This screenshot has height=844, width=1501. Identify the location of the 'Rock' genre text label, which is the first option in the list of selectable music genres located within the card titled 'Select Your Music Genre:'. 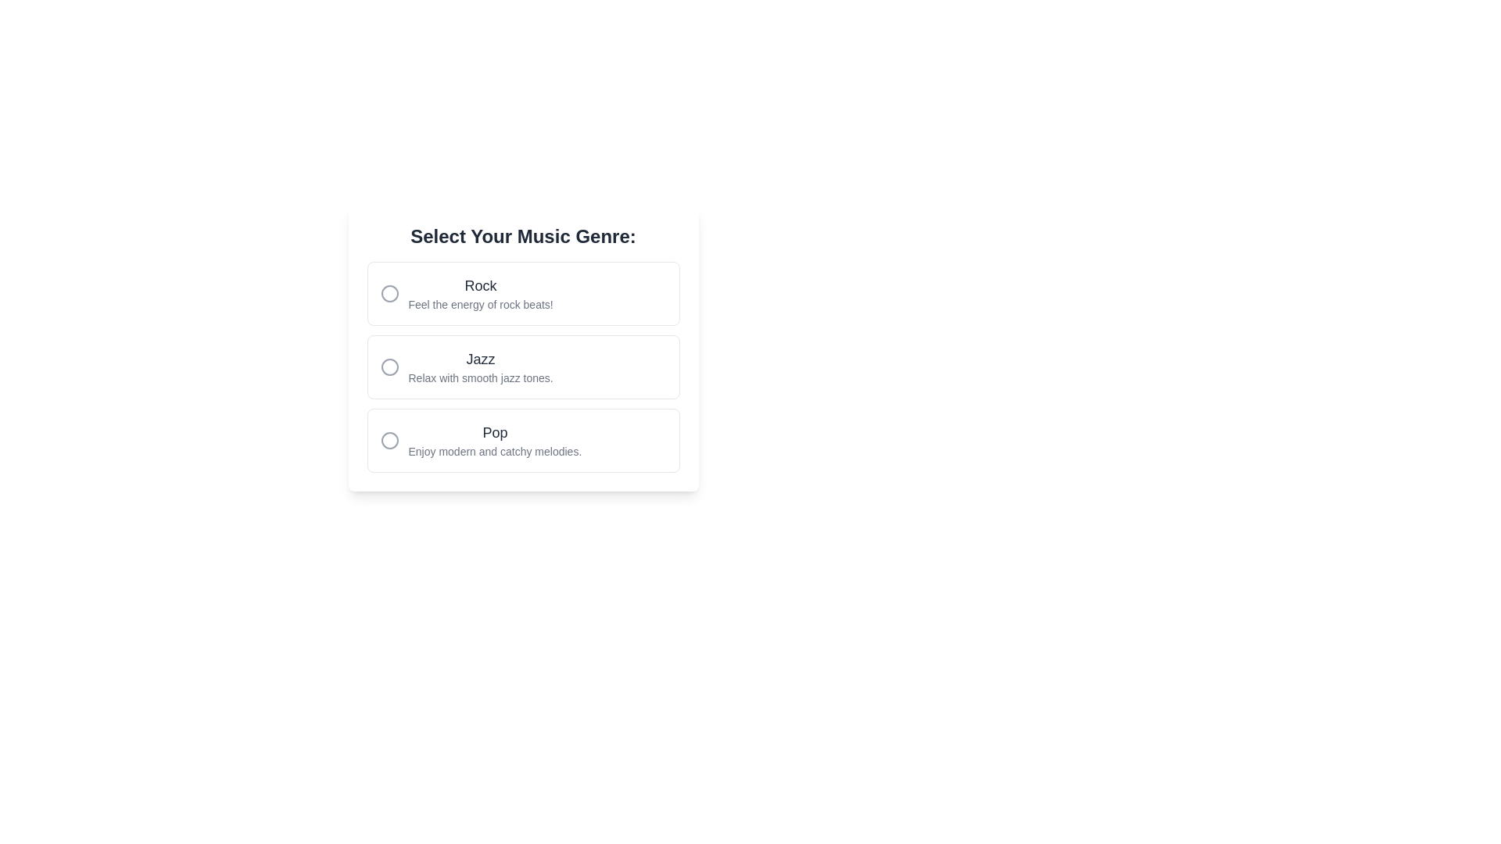
(480, 286).